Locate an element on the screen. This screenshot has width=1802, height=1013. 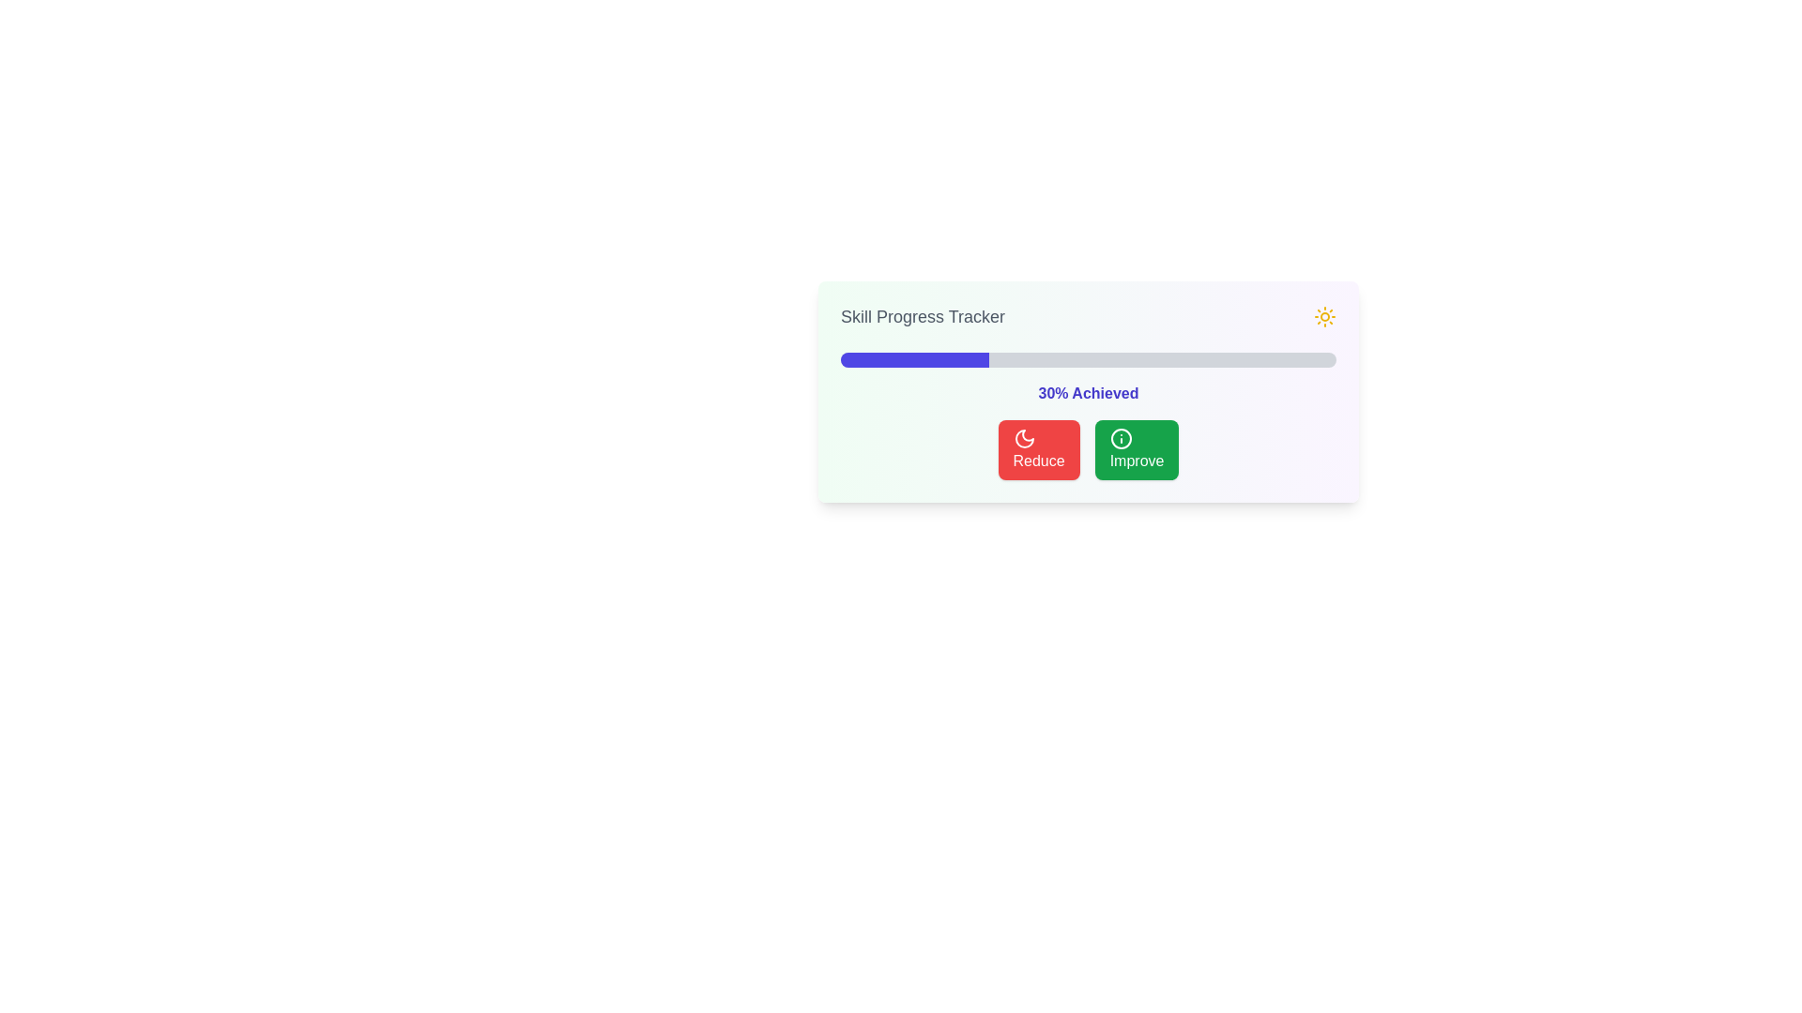
the green button labeled 'Improve' with a white info icon is located at coordinates (1136, 449).